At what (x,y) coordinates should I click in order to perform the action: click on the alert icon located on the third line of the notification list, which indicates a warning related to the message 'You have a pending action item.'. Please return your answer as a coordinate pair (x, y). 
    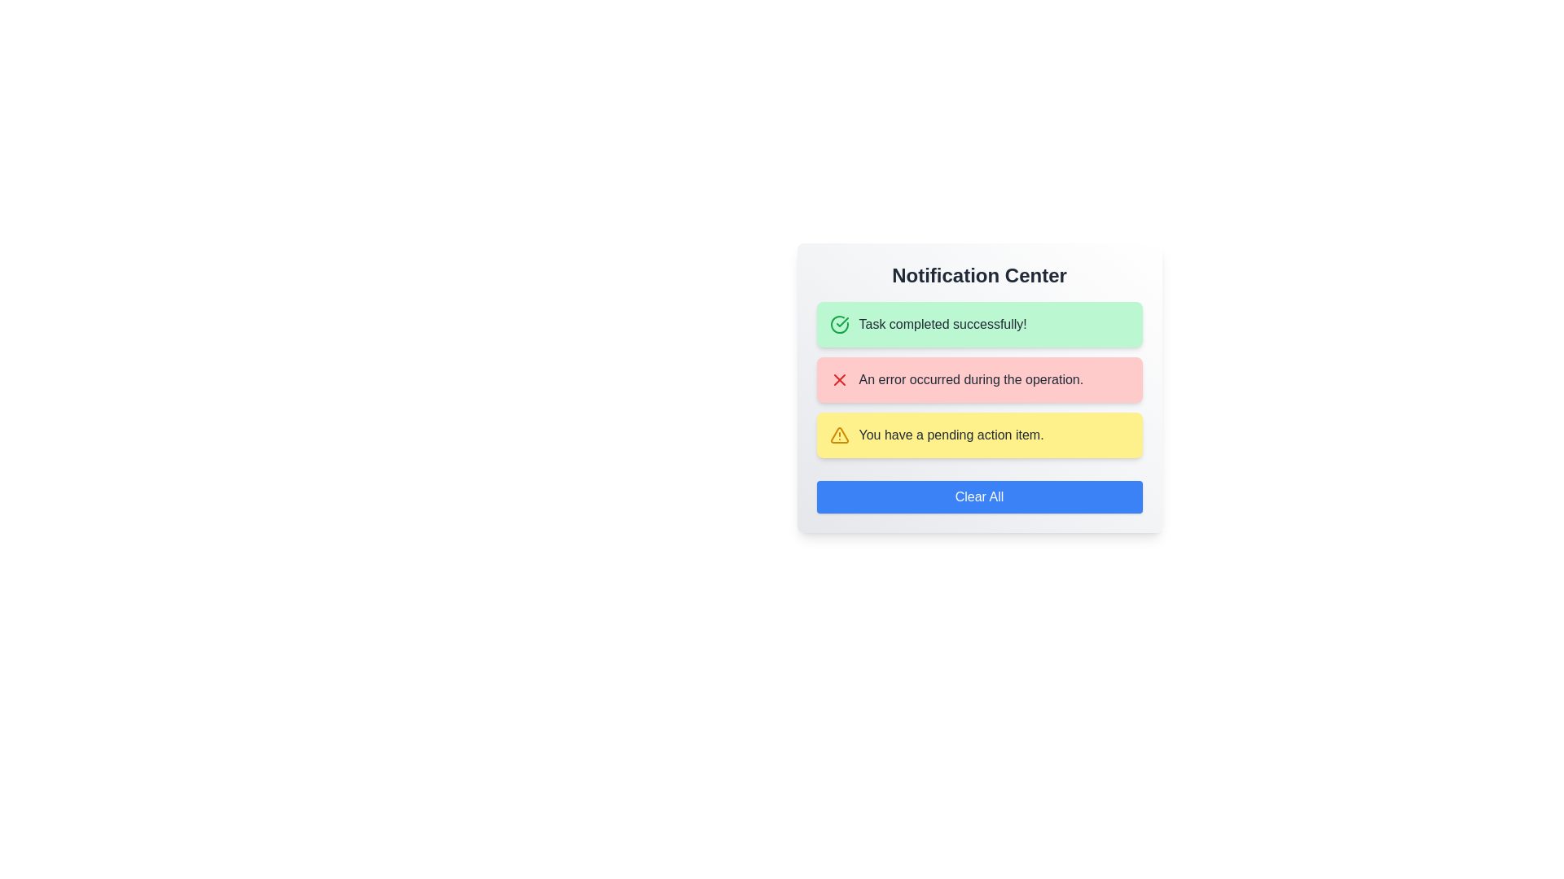
    Looking at the image, I should click on (839, 435).